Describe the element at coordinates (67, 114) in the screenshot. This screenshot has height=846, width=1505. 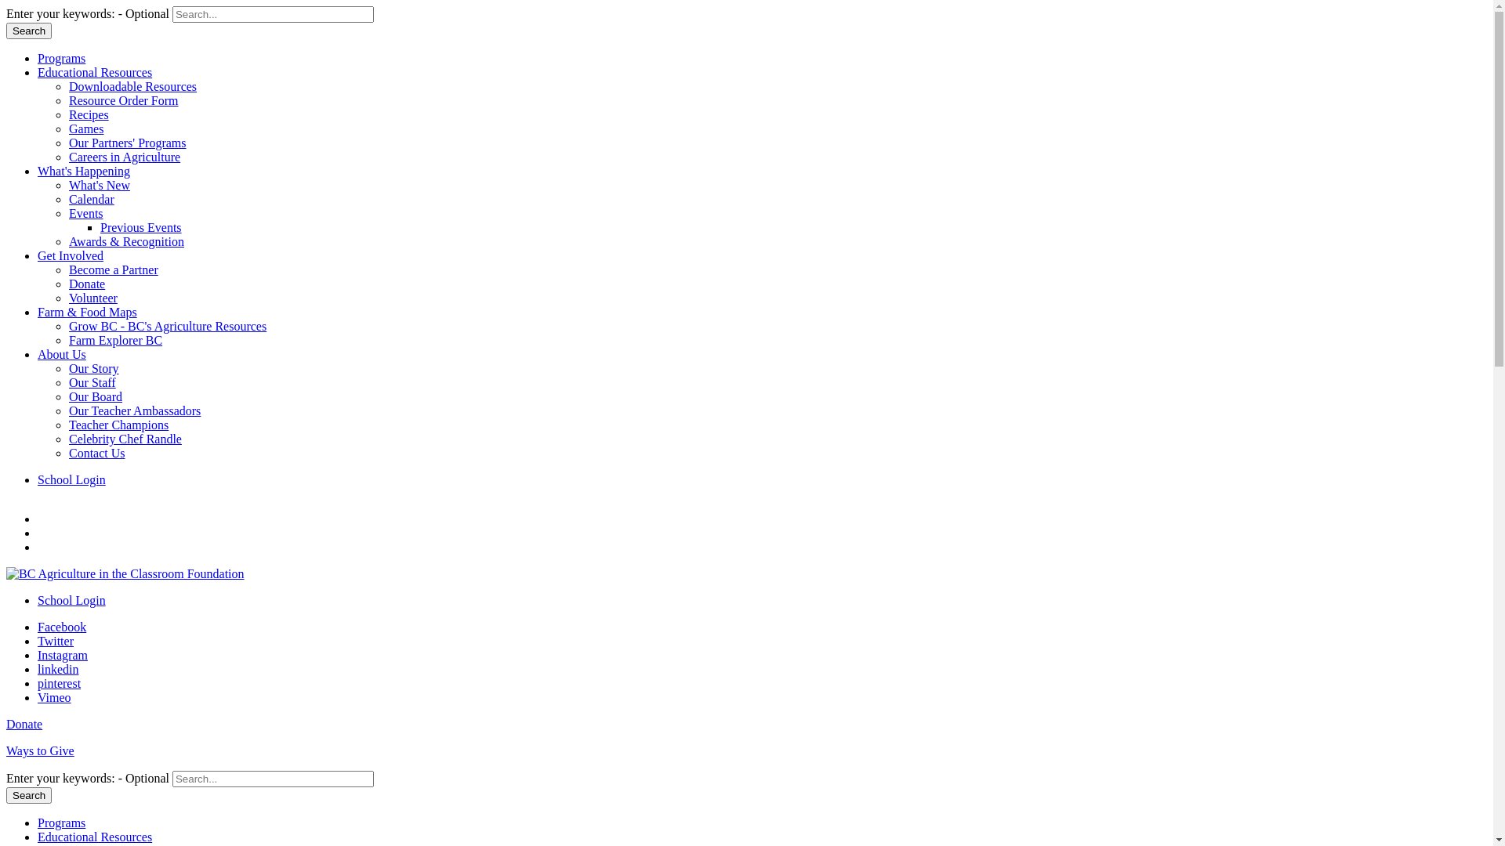
I see `'Recipes'` at that location.